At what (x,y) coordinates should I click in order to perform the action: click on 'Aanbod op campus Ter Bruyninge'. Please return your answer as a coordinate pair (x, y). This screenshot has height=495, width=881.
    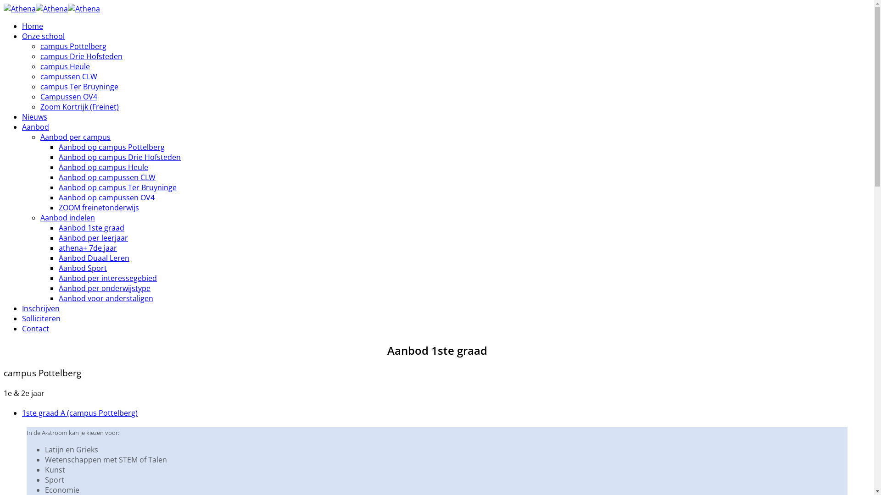
    Looking at the image, I should click on (117, 187).